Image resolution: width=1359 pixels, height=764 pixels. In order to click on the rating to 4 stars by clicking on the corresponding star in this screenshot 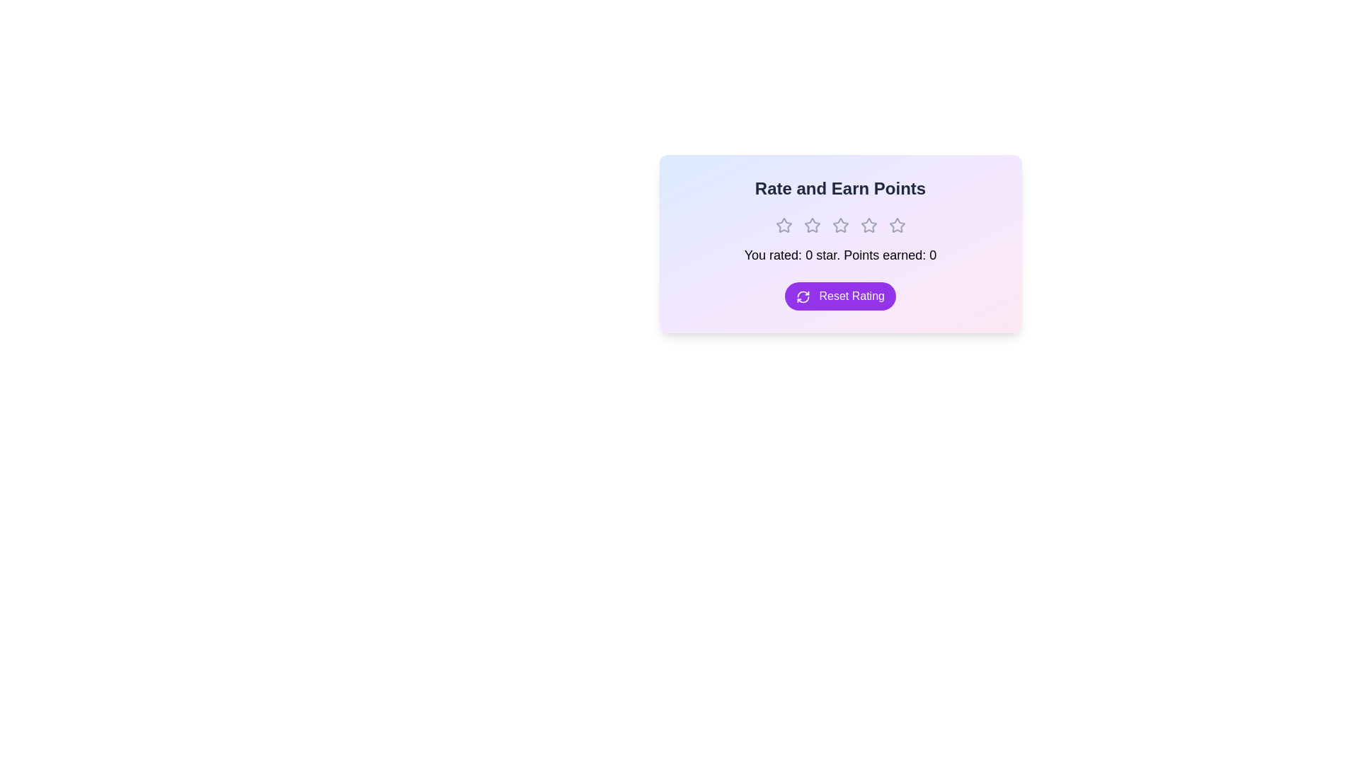, I will do `click(868, 225)`.